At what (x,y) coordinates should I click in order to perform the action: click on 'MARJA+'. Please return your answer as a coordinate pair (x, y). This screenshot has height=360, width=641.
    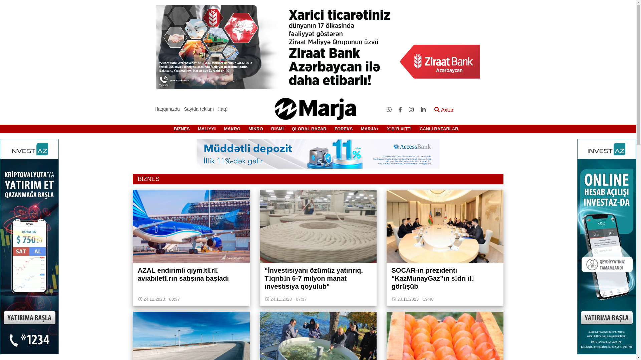
    Looking at the image, I should click on (370, 129).